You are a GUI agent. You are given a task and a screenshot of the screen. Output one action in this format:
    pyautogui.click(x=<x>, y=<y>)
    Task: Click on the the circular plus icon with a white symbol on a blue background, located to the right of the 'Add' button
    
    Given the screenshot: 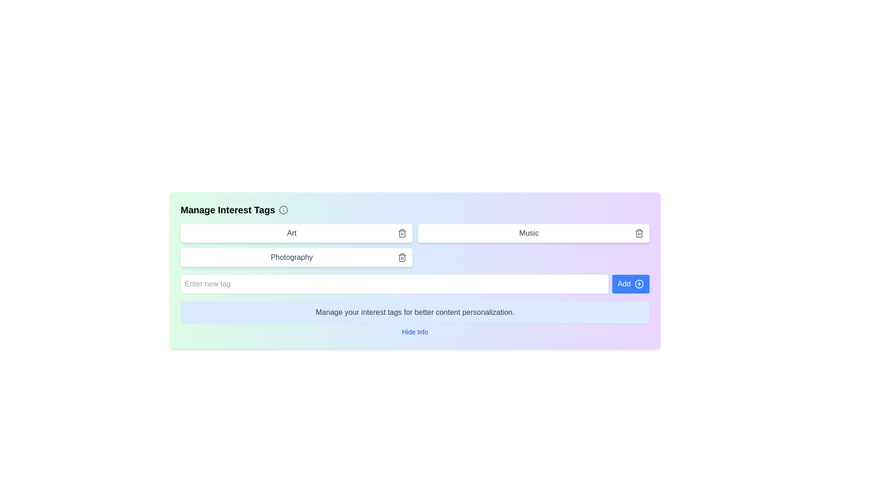 What is the action you would take?
    pyautogui.click(x=638, y=283)
    